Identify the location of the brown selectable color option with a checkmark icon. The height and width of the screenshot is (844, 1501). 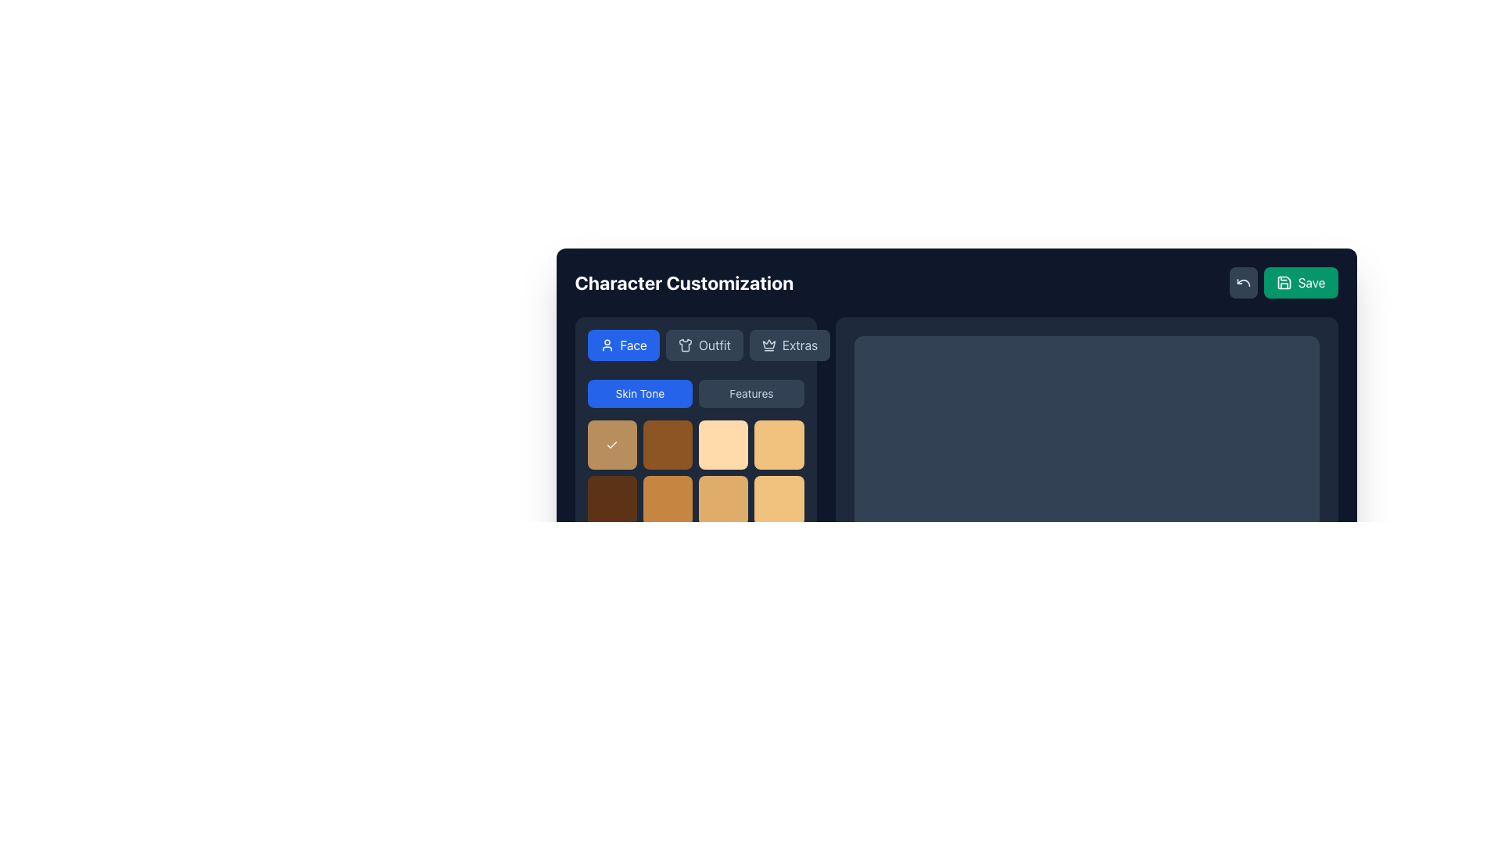
(695, 453).